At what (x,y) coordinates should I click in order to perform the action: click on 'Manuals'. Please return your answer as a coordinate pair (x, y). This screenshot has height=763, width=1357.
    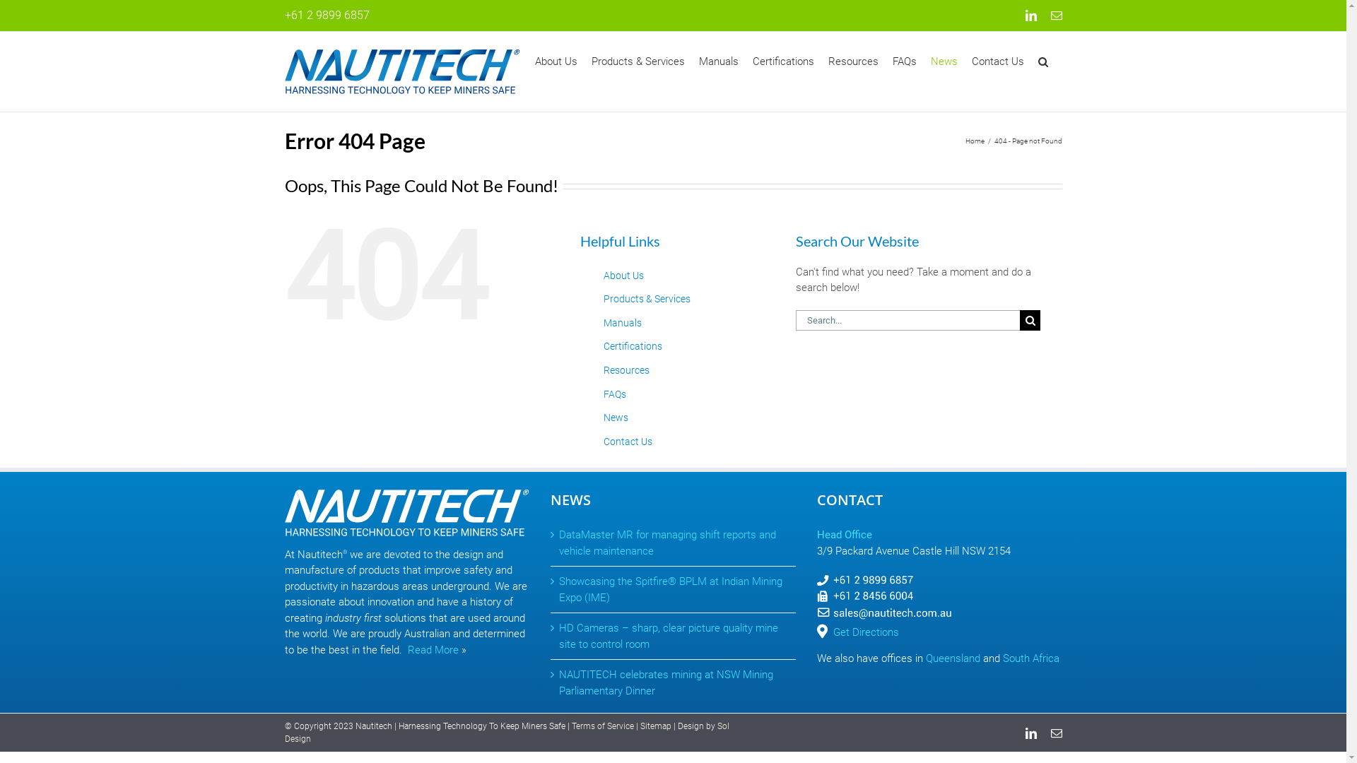
    Looking at the image, I should click on (718, 61).